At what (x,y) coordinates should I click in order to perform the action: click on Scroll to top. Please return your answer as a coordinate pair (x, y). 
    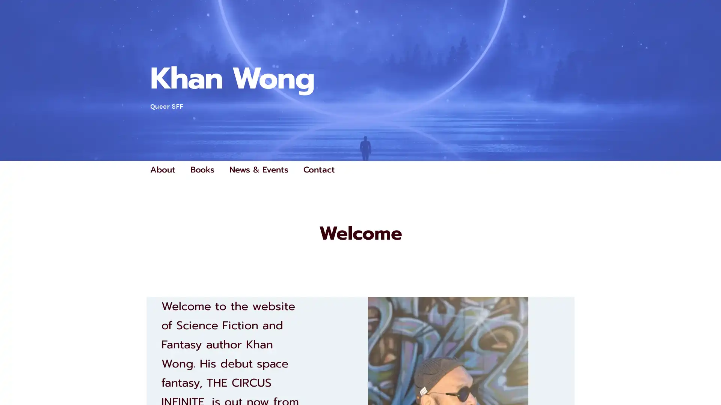
    Looking at the image, I should click on (706, 379).